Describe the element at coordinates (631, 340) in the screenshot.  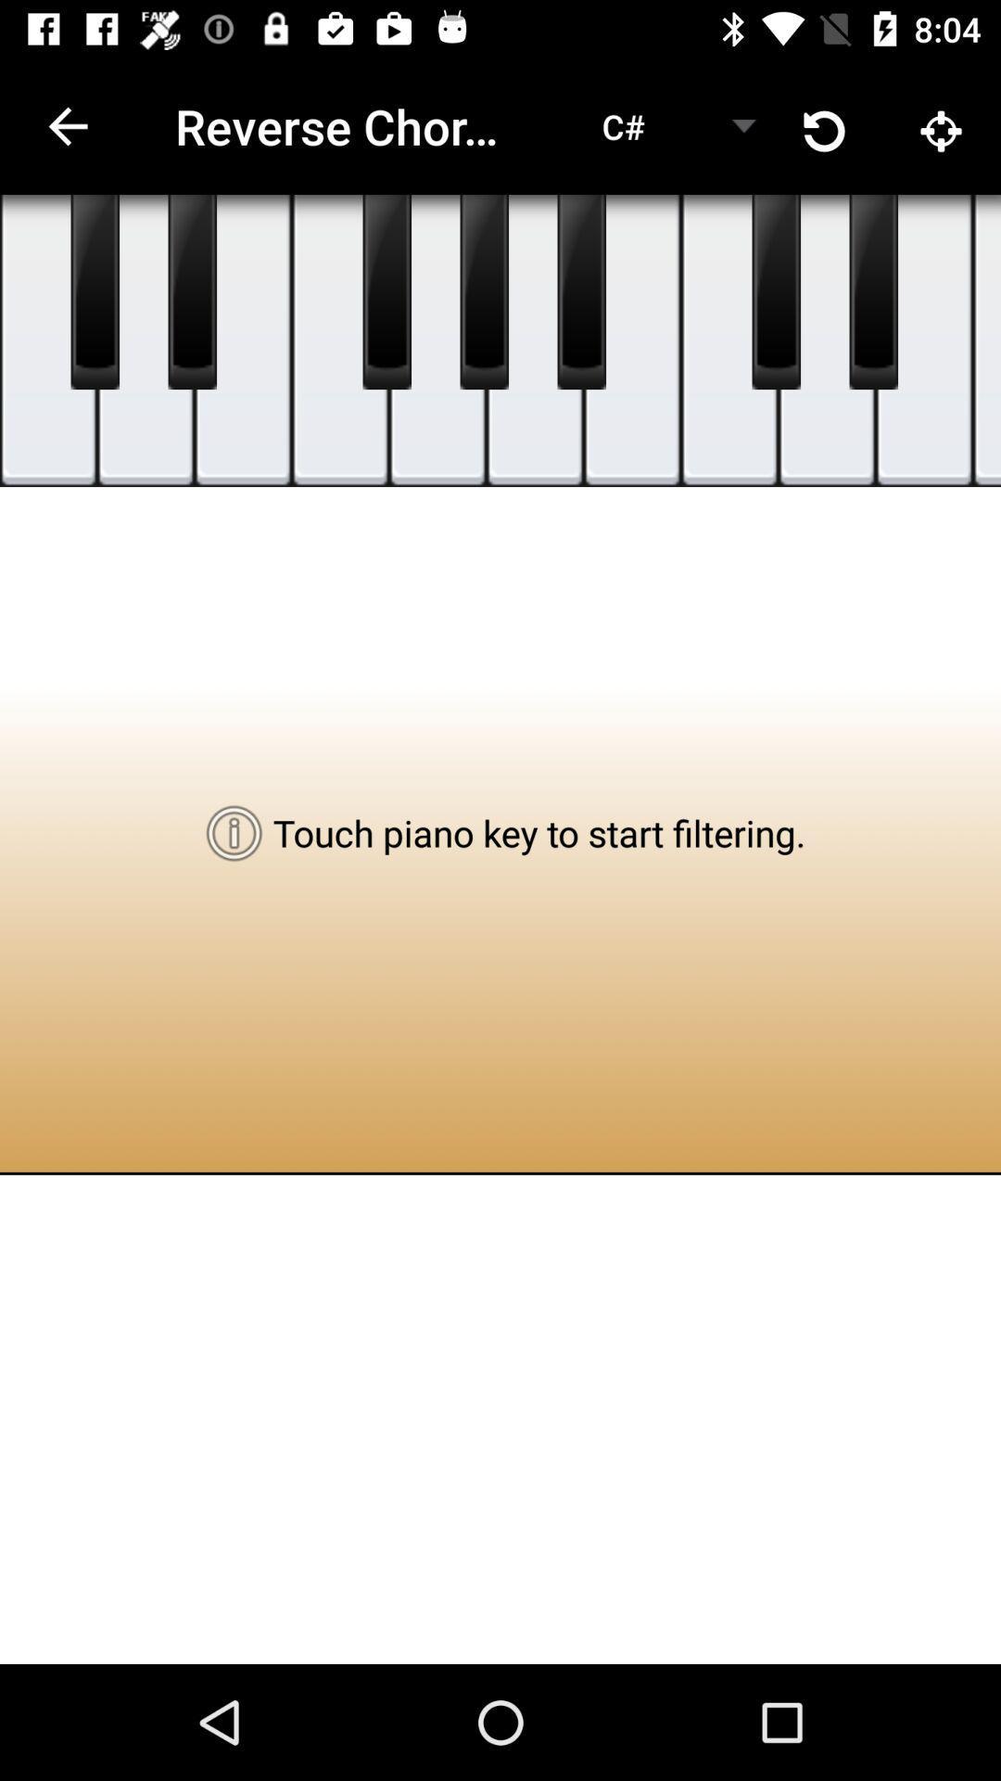
I see `the item above touch piano key` at that location.